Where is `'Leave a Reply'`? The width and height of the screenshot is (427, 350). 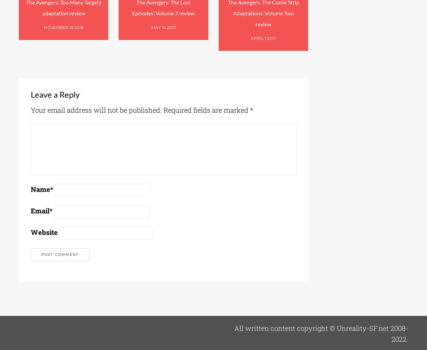
'Leave a Reply' is located at coordinates (55, 94).